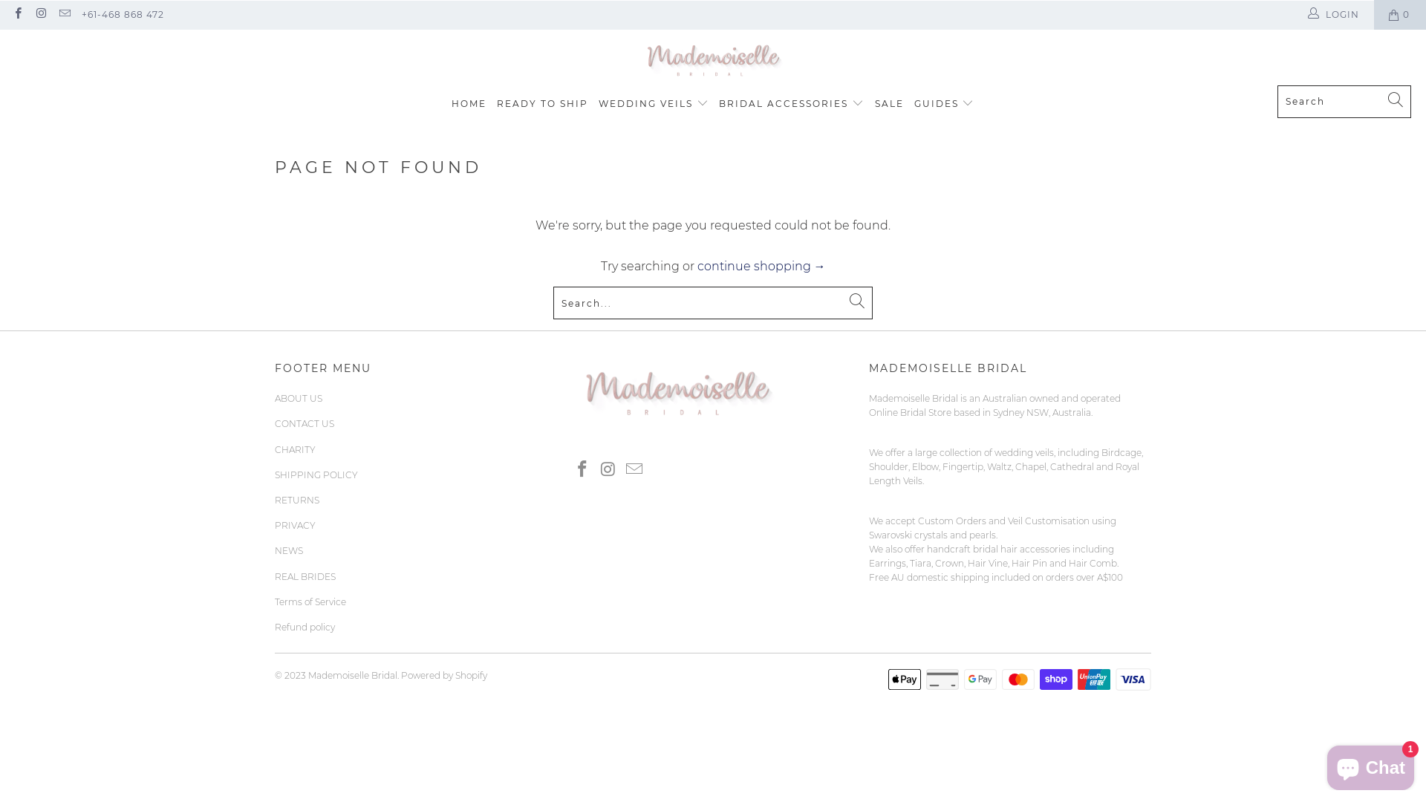 Image resolution: width=1426 pixels, height=802 pixels. What do you see at coordinates (943, 102) in the screenshot?
I see `'GUIDES'` at bounding box center [943, 102].